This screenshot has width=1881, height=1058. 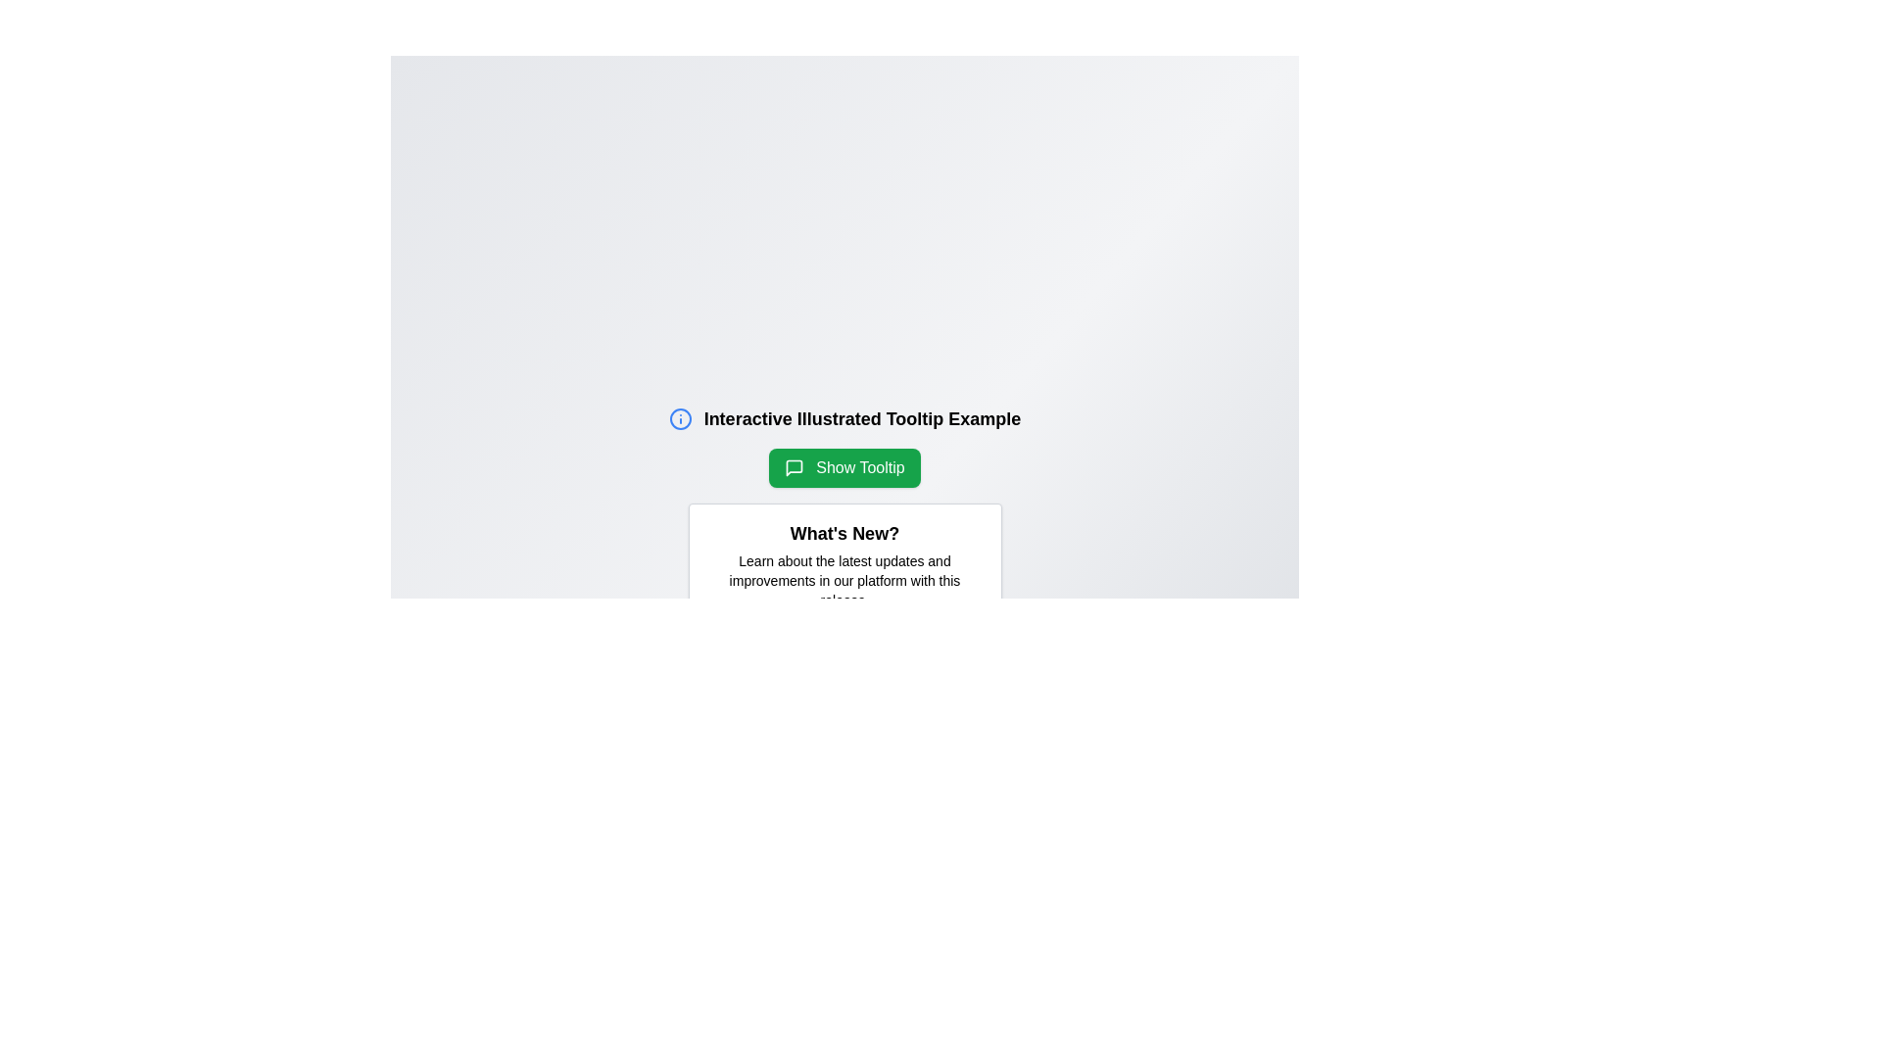 I want to click on the text label displaying 'Interactive Illustrated Tooltip Example', which is positioned to the right of a blue circular icon, so click(x=862, y=418).